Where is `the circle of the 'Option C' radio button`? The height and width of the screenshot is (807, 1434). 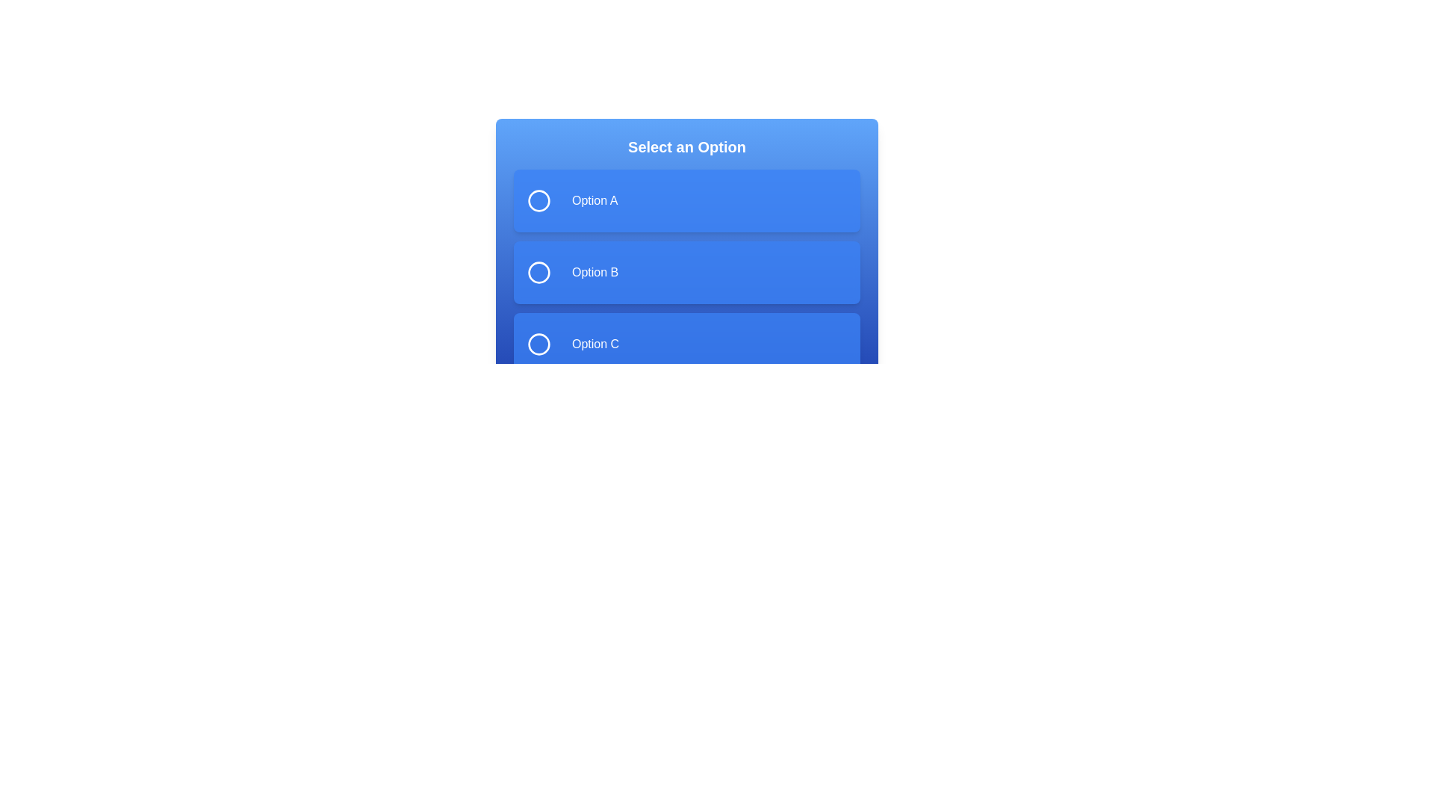
the circle of the 'Option C' radio button is located at coordinates (538, 344).